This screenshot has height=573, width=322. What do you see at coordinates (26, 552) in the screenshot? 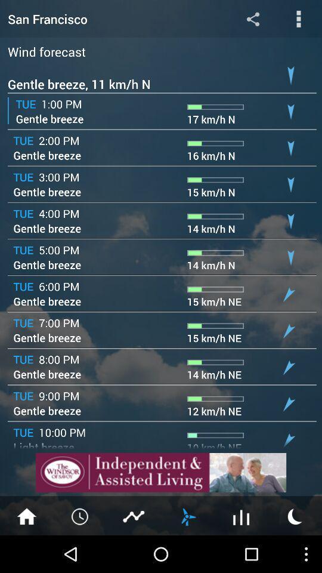
I see `the home icon` at bounding box center [26, 552].